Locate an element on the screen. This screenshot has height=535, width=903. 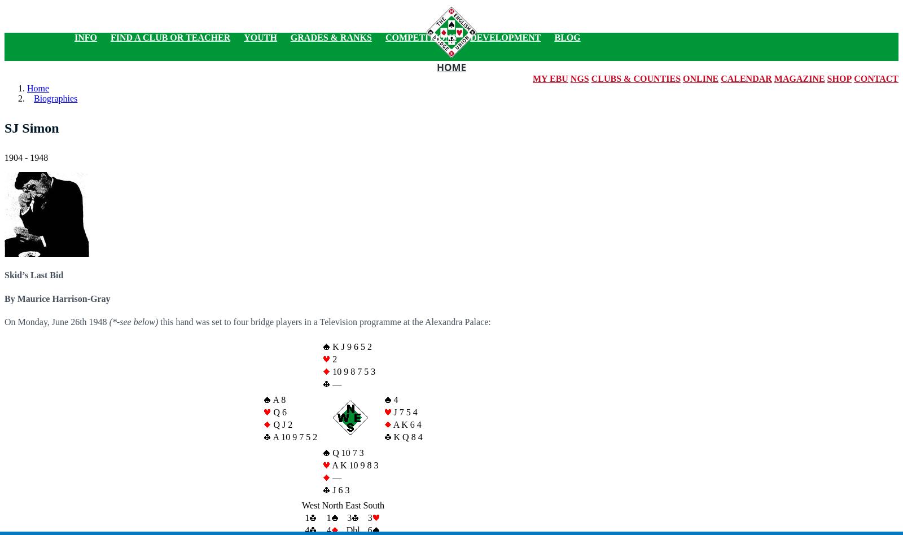
'J 7 5 4' is located at coordinates (404, 411).